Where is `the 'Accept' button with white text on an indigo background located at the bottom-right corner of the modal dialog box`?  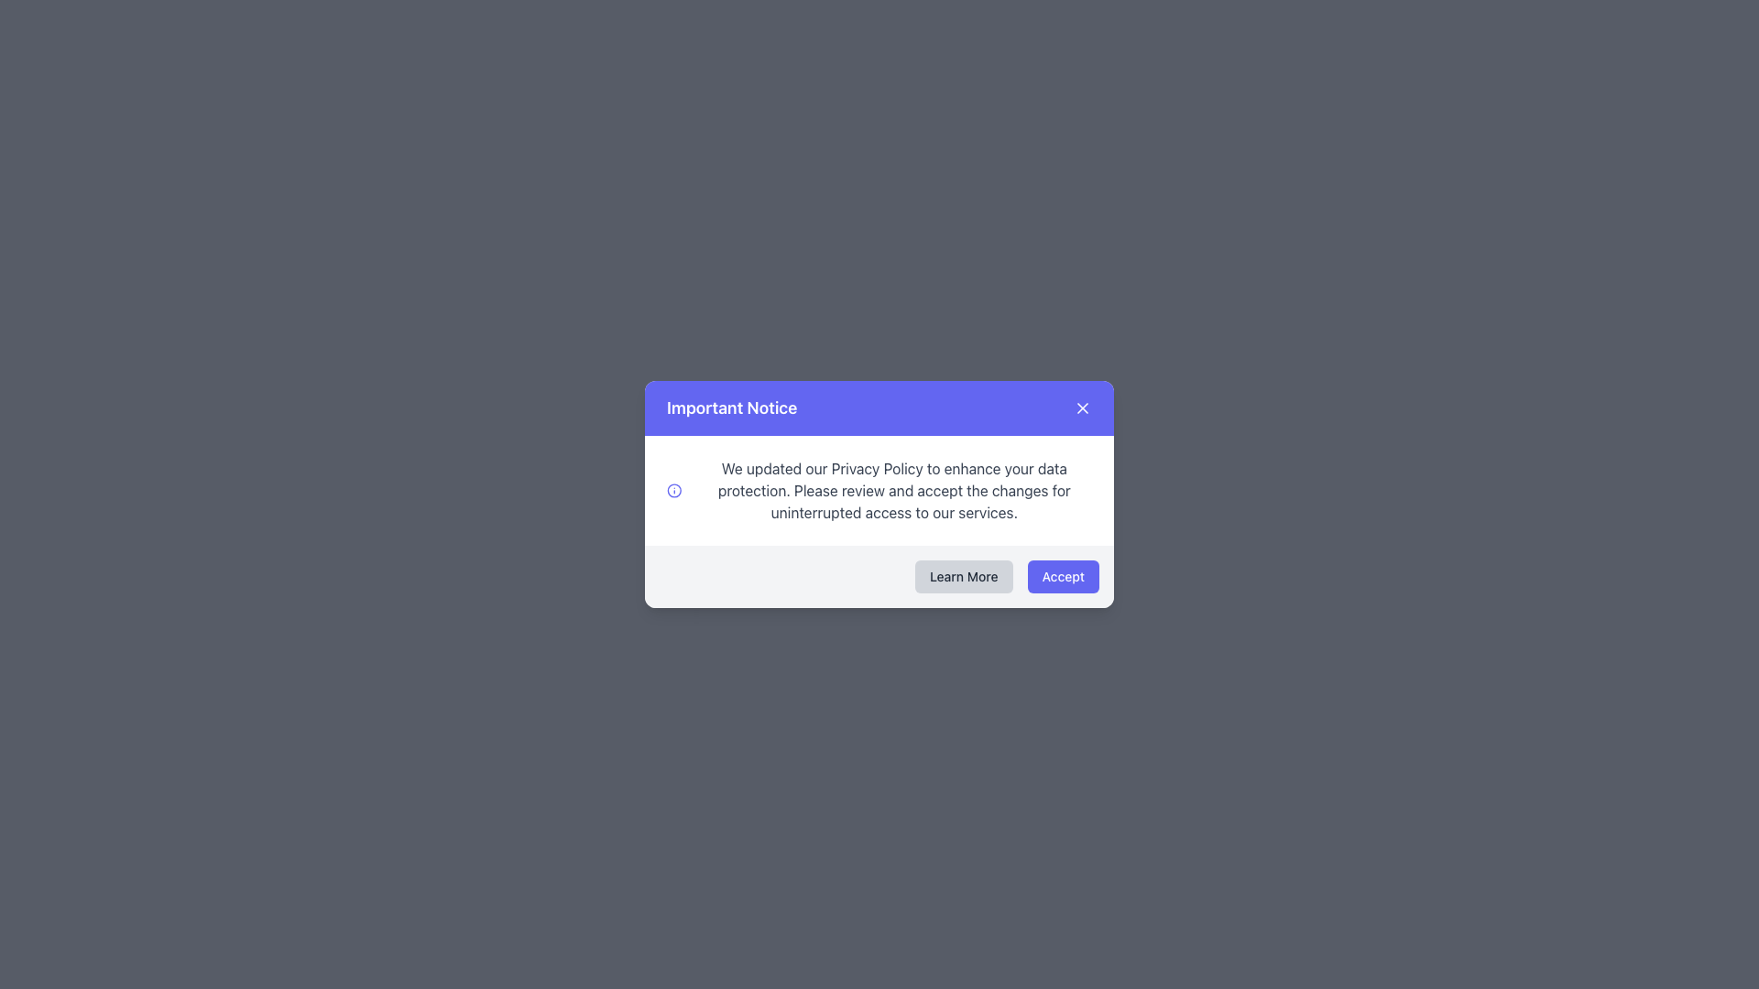 the 'Accept' button with white text on an indigo background located at the bottom-right corner of the modal dialog box is located at coordinates (1063, 575).